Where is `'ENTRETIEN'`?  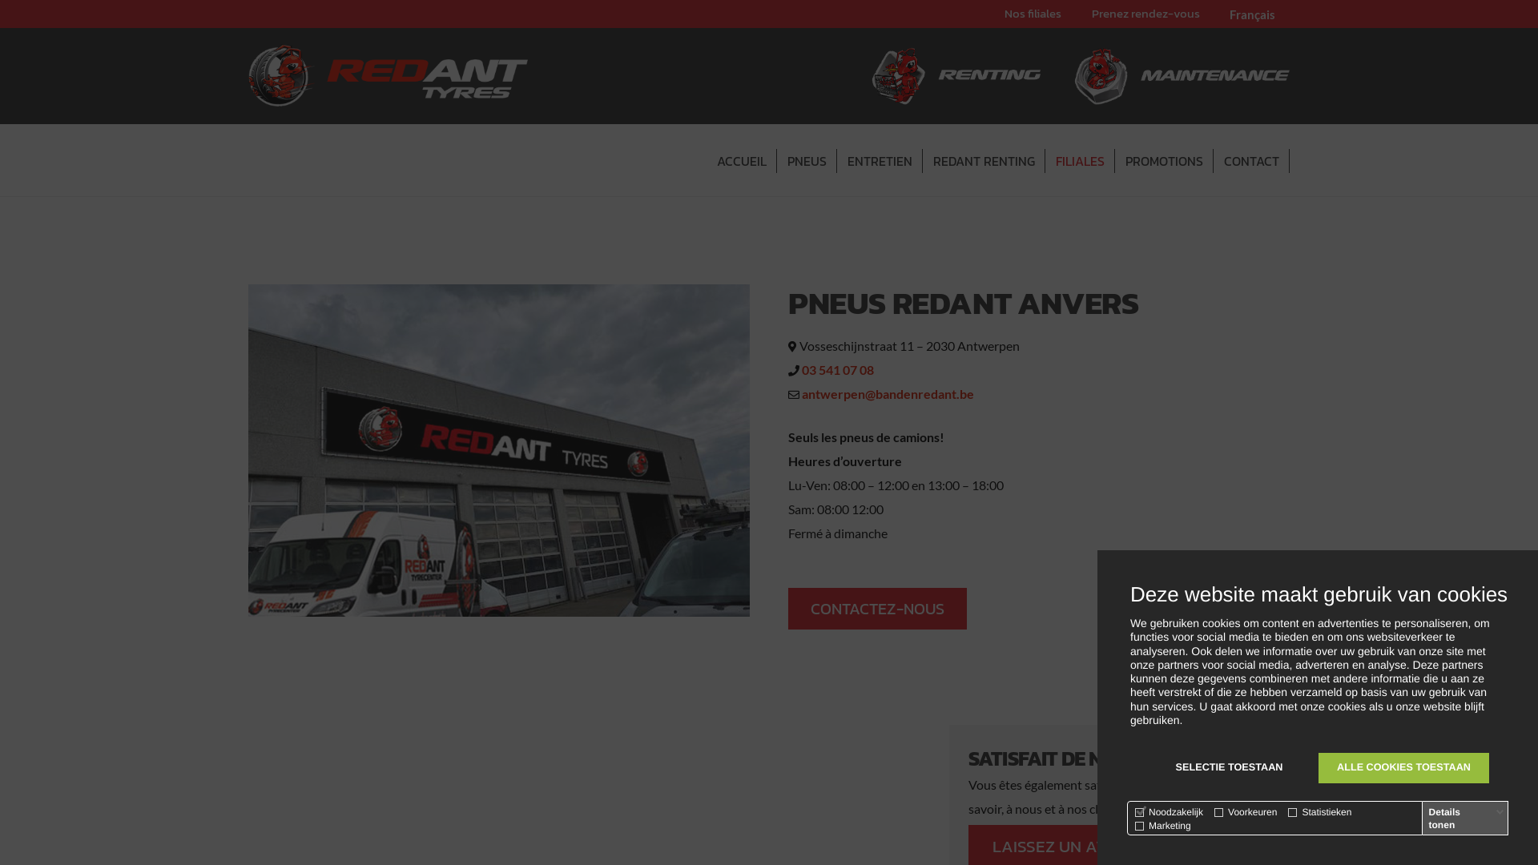
'ENTRETIEN' is located at coordinates (836, 160).